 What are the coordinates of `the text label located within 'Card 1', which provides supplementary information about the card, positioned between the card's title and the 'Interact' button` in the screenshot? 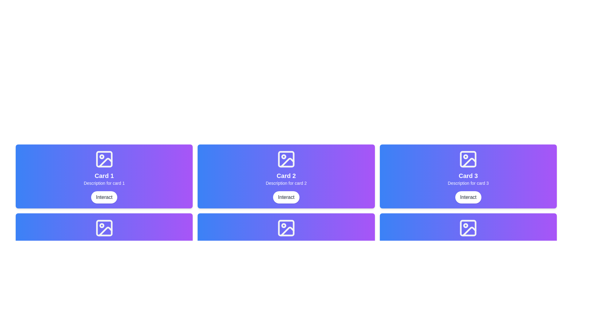 It's located at (104, 183).